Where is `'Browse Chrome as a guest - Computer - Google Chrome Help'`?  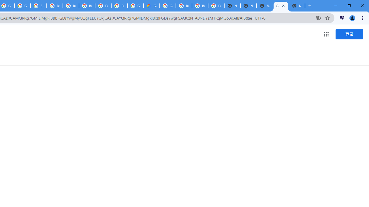
'Browse Chrome as a guest - Computer - Google Chrome Help' is located at coordinates (200, 6).